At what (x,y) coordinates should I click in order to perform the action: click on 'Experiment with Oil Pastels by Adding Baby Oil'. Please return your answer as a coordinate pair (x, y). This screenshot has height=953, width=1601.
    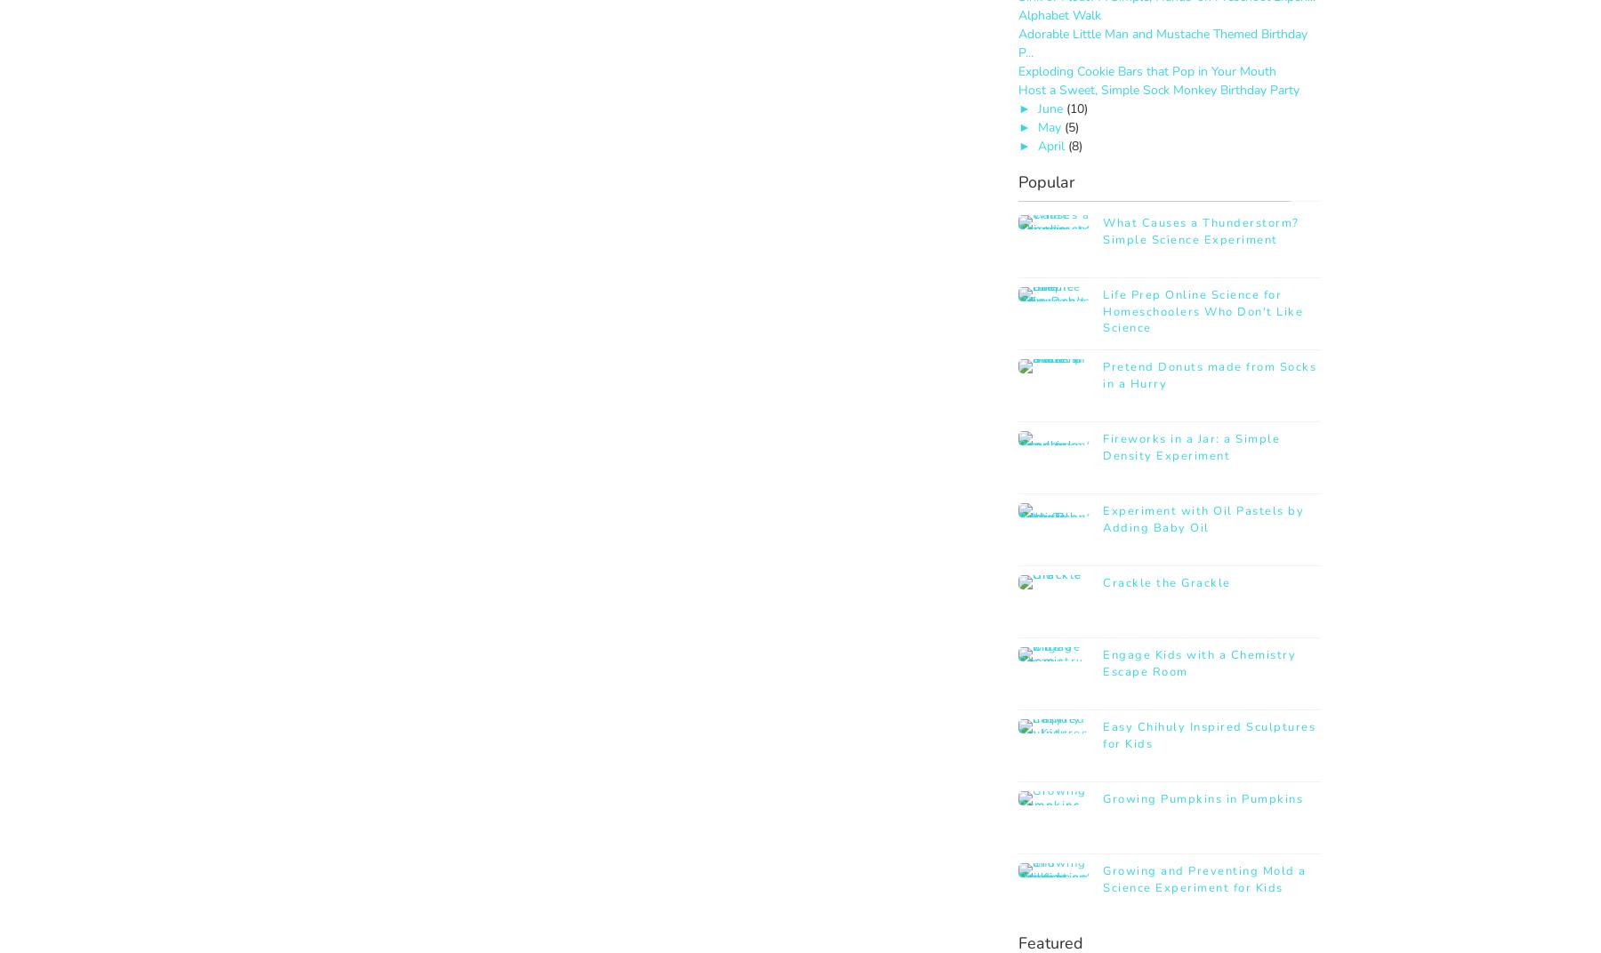
    Looking at the image, I should click on (1203, 518).